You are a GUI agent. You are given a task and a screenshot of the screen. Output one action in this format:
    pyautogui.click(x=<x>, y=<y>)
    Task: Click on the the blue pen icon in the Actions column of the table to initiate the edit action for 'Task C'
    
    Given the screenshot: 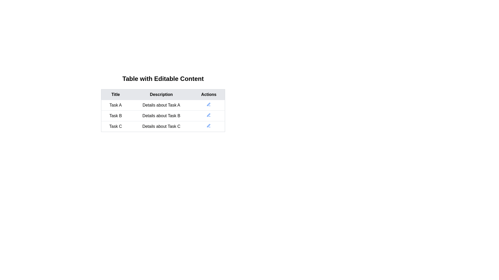 What is the action you would take?
    pyautogui.click(x=209, y=127)
    